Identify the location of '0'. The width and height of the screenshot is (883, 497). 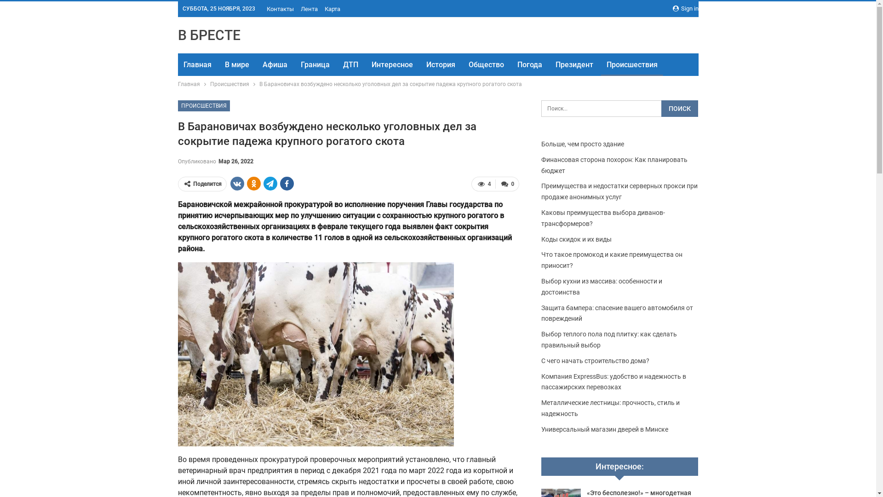
(507, 184).